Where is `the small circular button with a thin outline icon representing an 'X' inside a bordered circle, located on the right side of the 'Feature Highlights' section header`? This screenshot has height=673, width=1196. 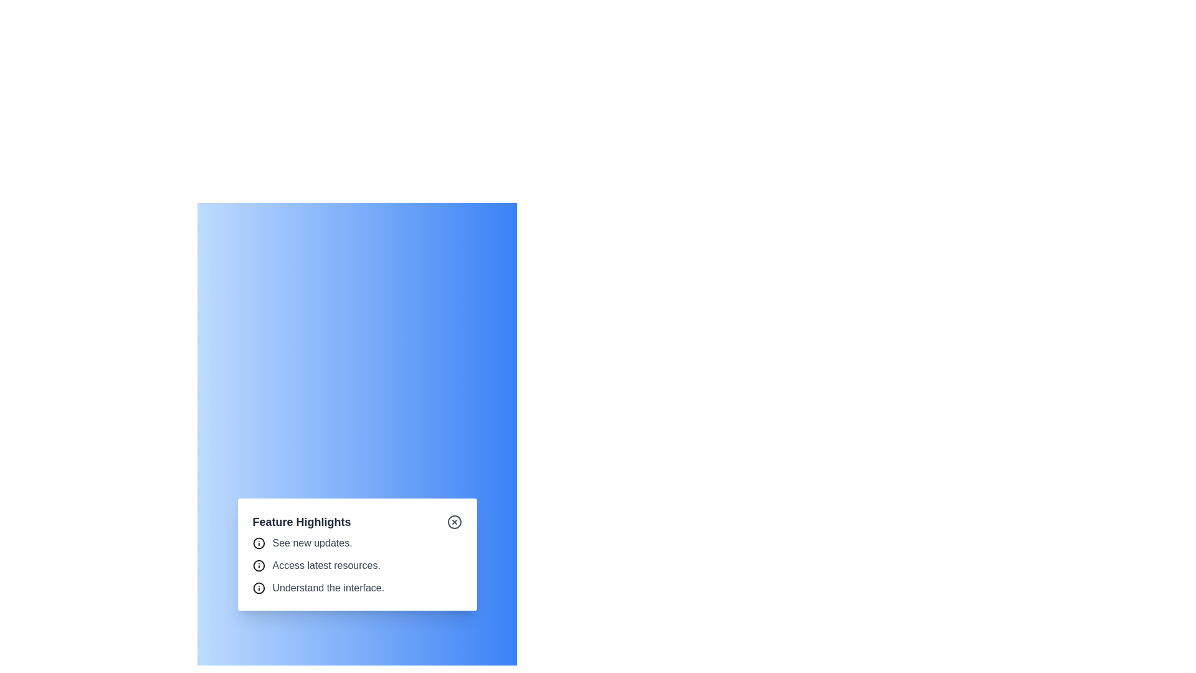 the small circular button with a thin outline icon representing an 'X' inside a bordered circle, located on the right side of the 'Feature Highlights' section header is located at coordinates (453, 522).